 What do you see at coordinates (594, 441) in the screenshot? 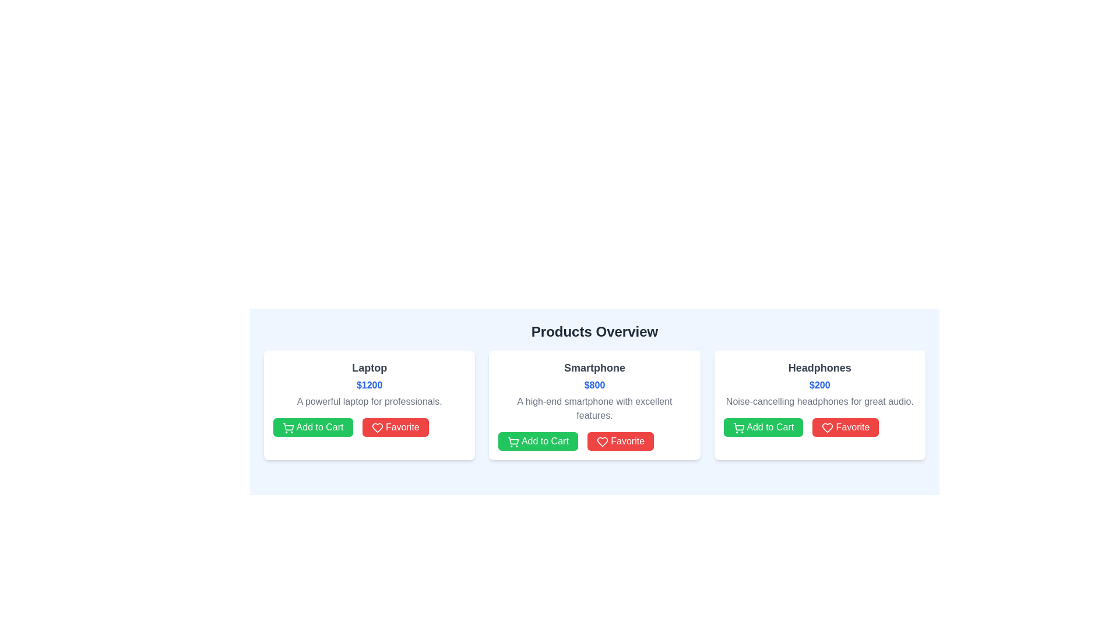
I see `the 'Favorite' button located at the bottom of the middle card in a horizontally aligned row of cards, directly below the product description` at bounding box center [594, 441].